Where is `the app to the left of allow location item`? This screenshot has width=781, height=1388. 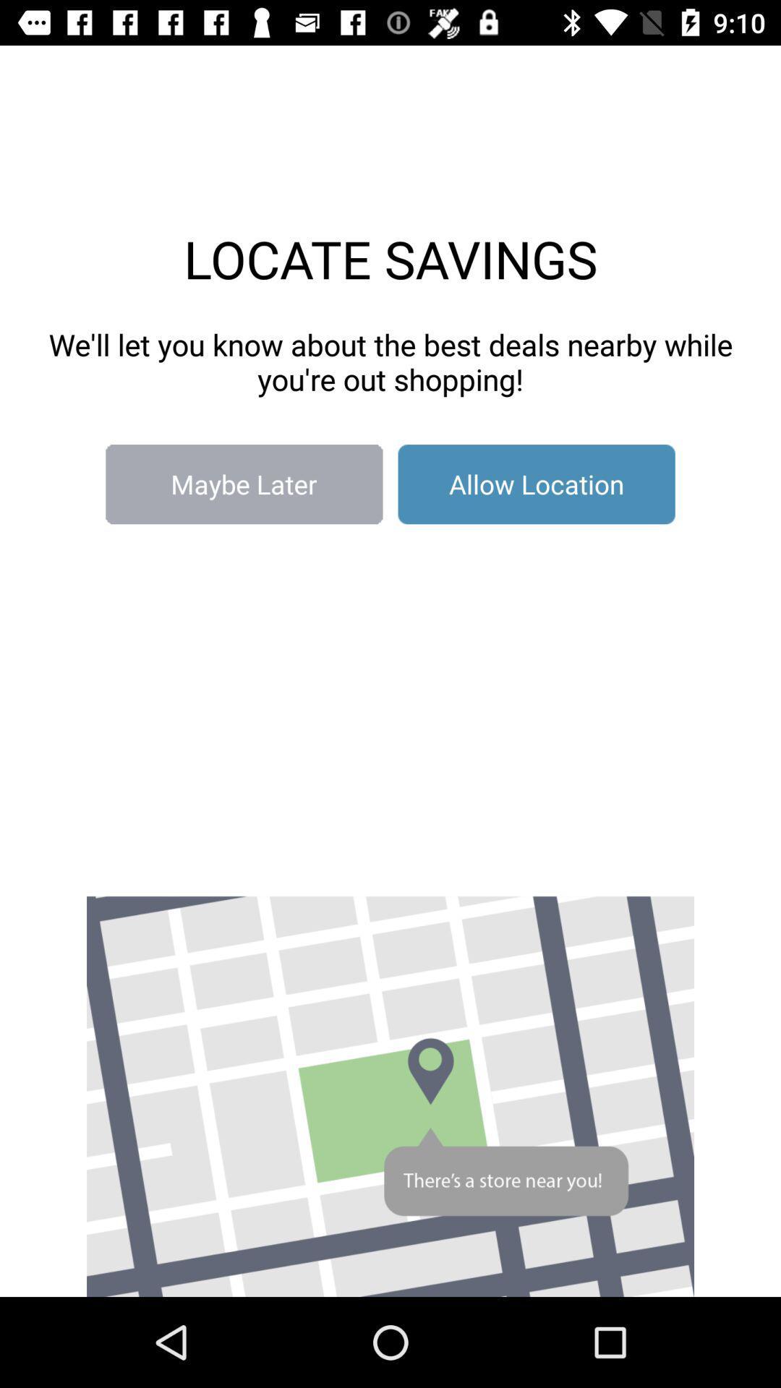 the app to the left of allow location item is located at coordinates (243, 484).